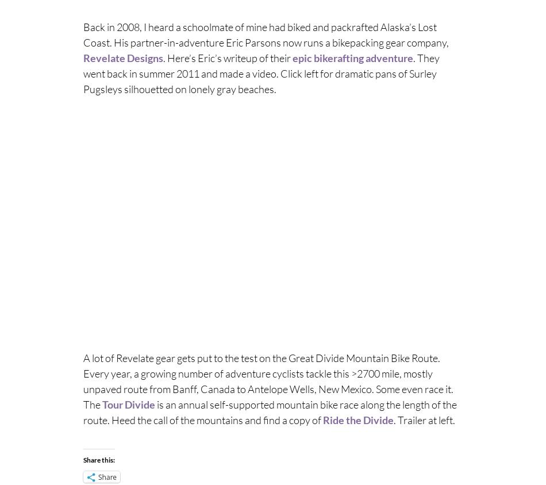 This screenshot has height=485, width=546. I want to click on 'Share this:', so click(99, 459).